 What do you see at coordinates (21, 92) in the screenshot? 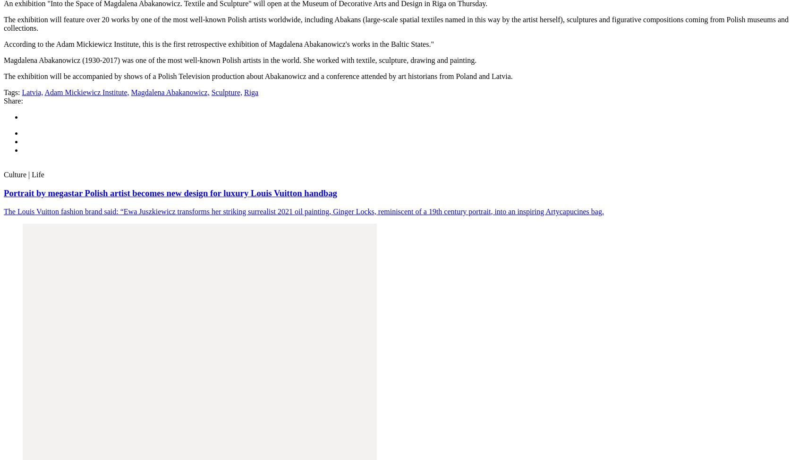
I see `'Latvia,'` at bounding box center [21, 92].